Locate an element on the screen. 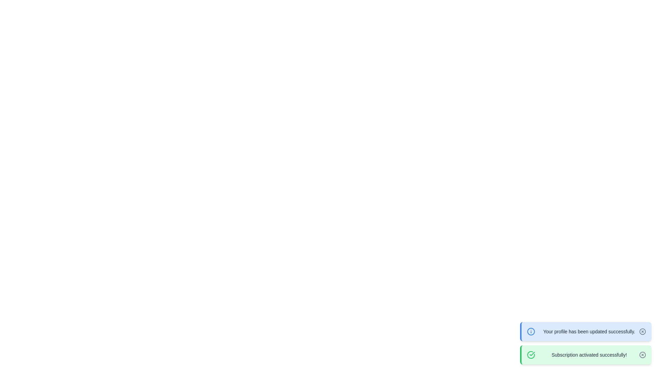 This screenshot has height=370, width=657. the green circular confirmation icon with a checkmark, located in the bottom-right notification area, next to the success message 'Subscription activated successfully!' is located at coordinates (530, 355).